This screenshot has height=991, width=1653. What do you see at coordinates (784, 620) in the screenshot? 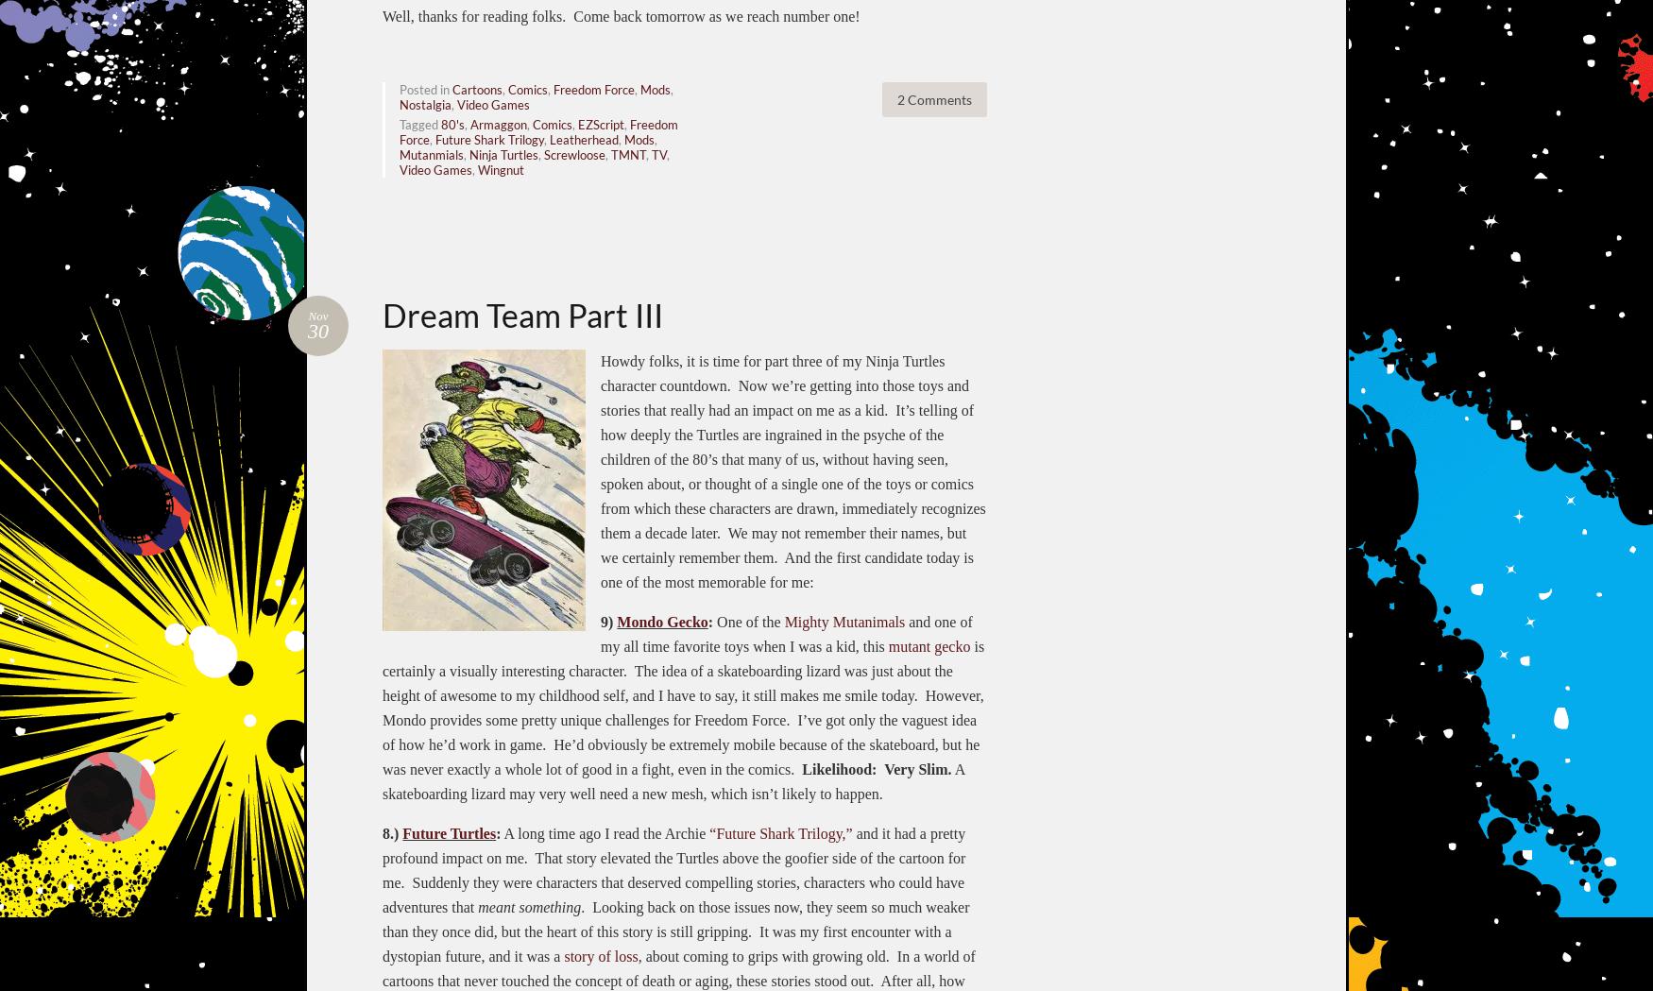
I see `'Mighty Mutanimals'` at bounding box center [784, 620].